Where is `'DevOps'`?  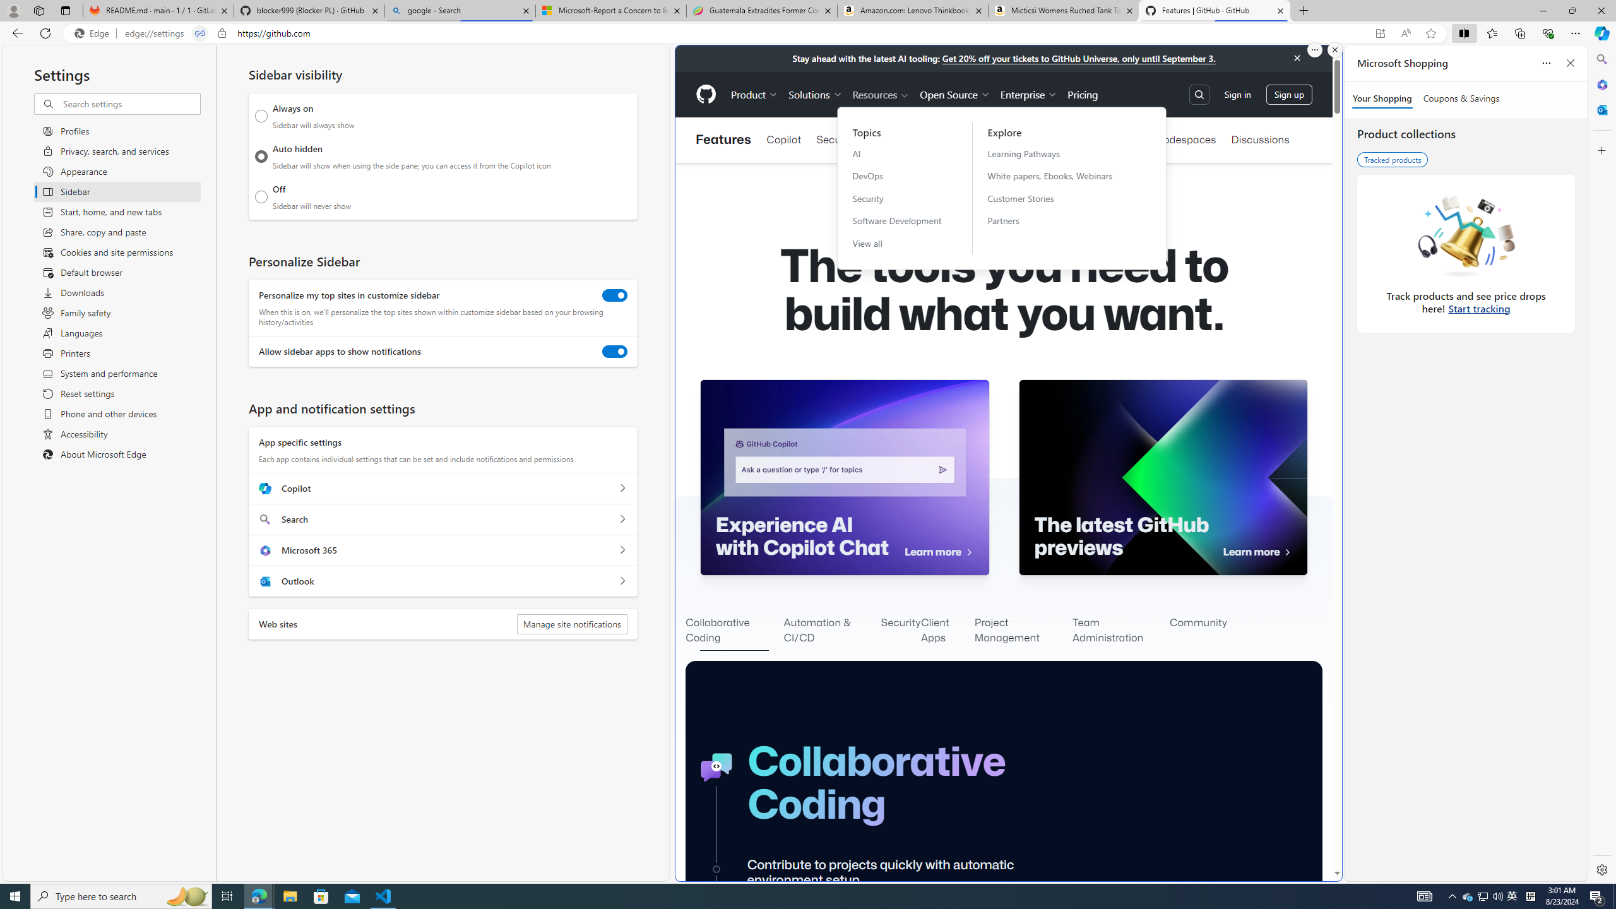 'DevOps' is located at coordinates (896, 175).